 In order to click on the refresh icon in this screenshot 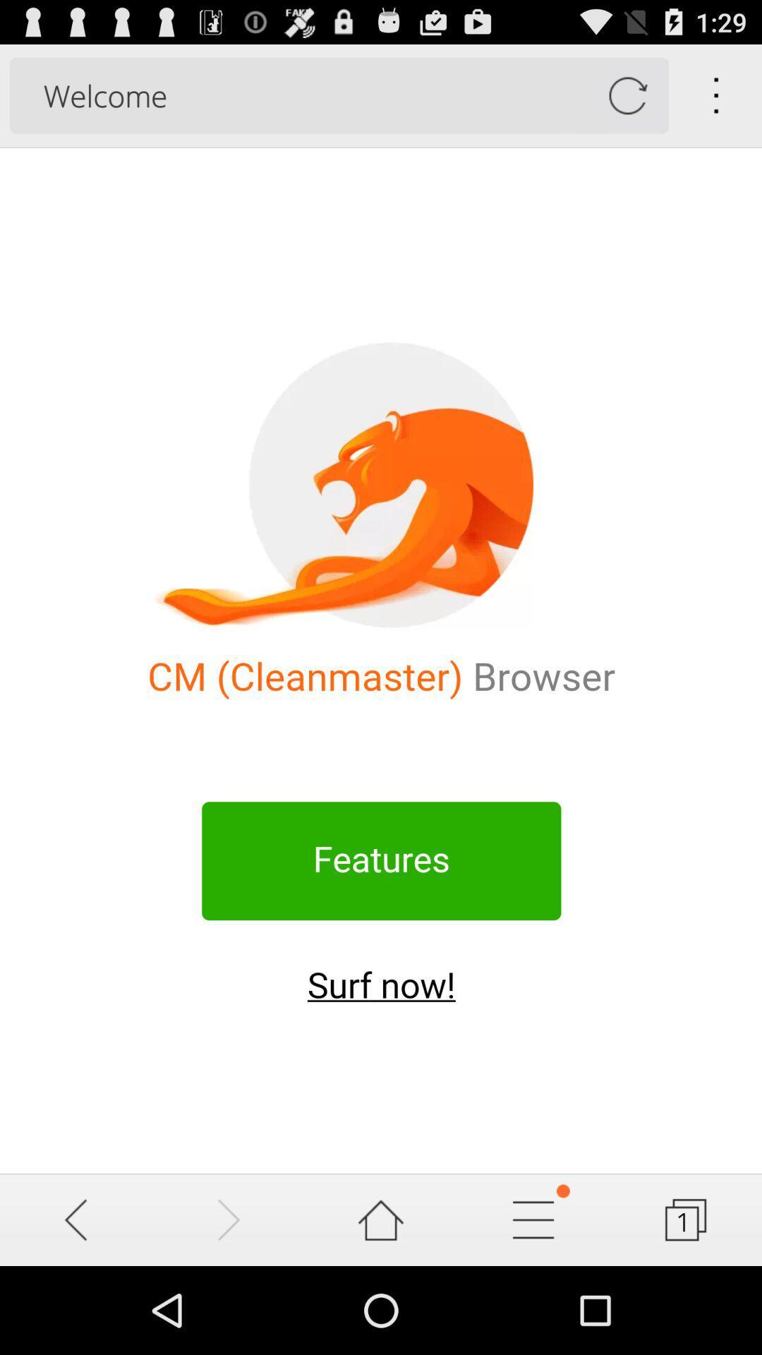, I will do `click(627, 102)`.